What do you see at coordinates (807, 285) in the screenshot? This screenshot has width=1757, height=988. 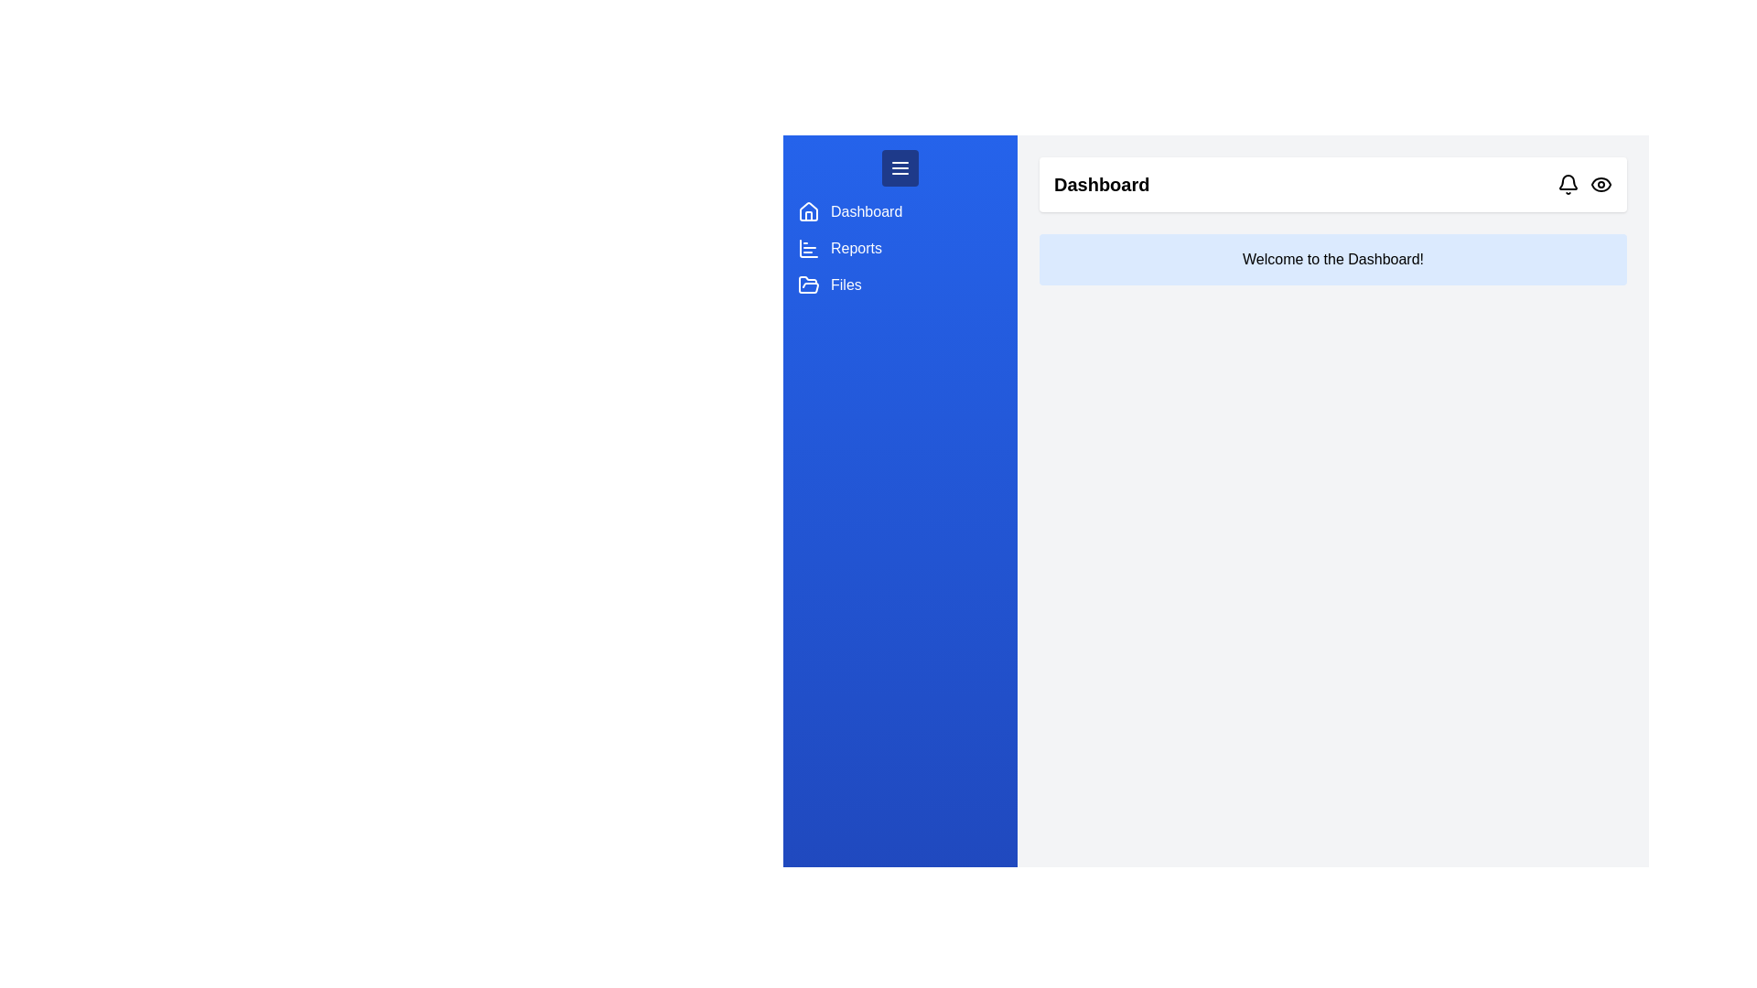 I see `the blue folder icon located next to the 'Files' label in the third menu item of the left sidebar` at bounding box center [807, 285].